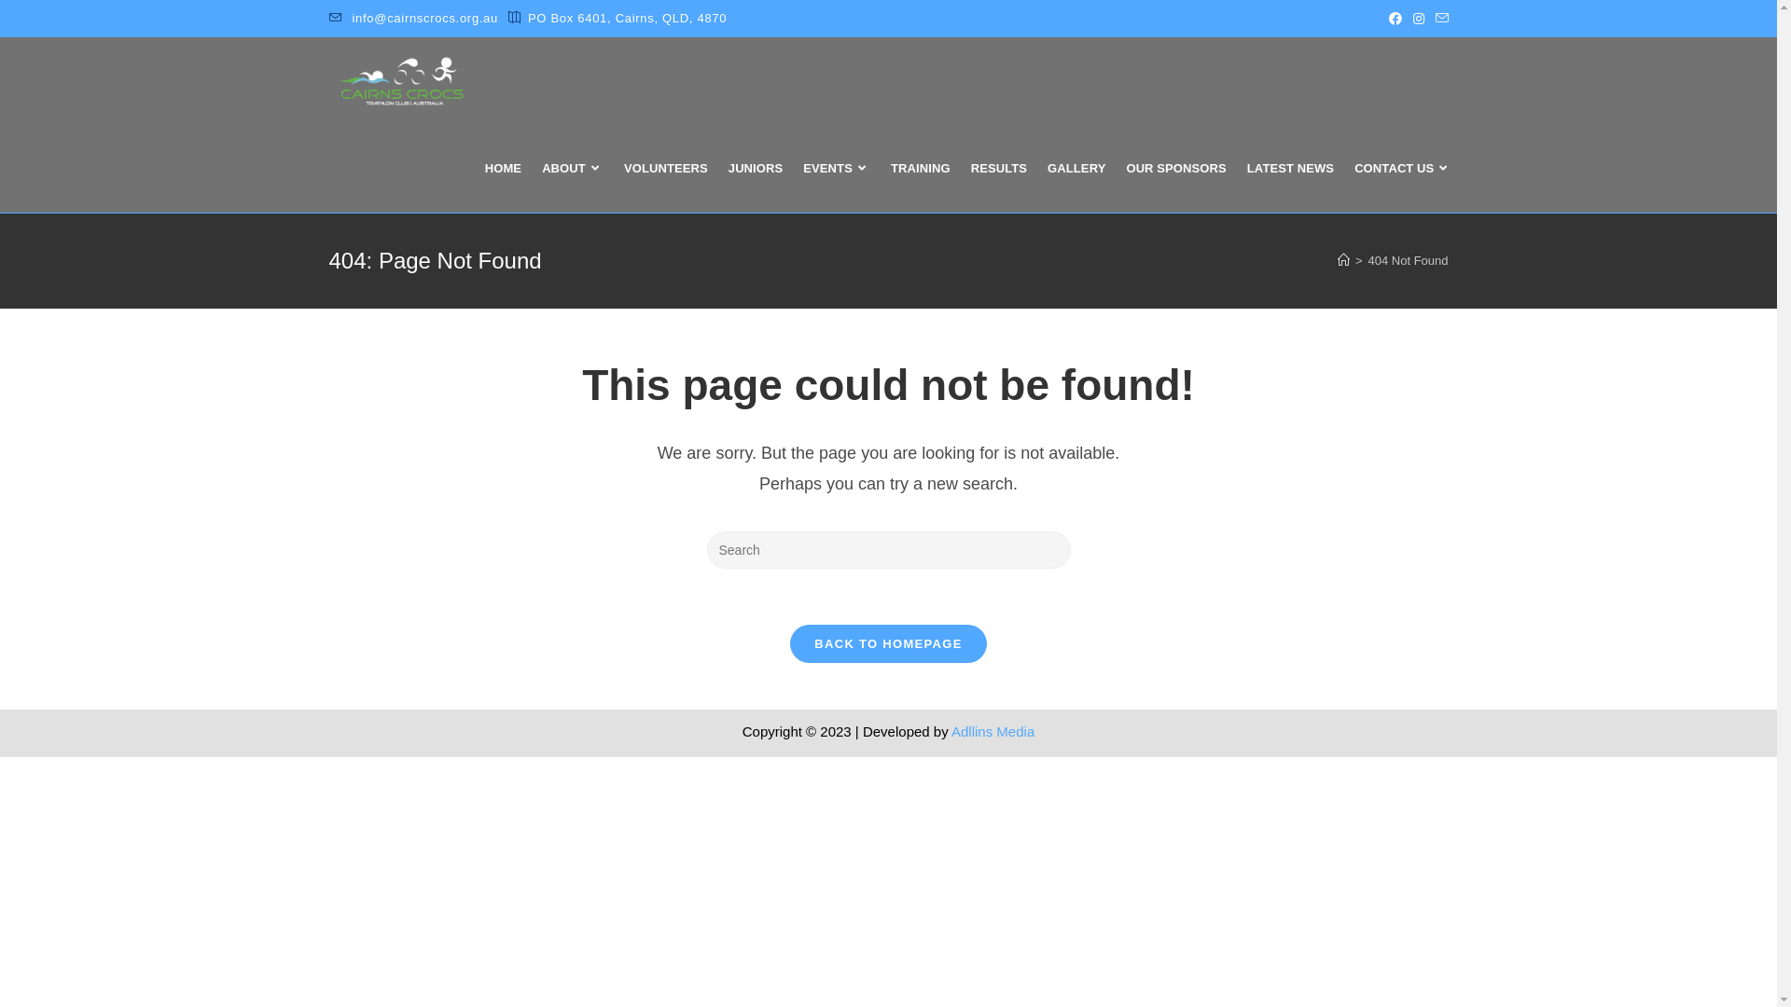 Image resolution: width=1791 pixels, height=1007 pixels. What do you see at coordinates (756, 169) in the screenshot?
I see `'JUNIORS'` at bounding box center [756, 169].